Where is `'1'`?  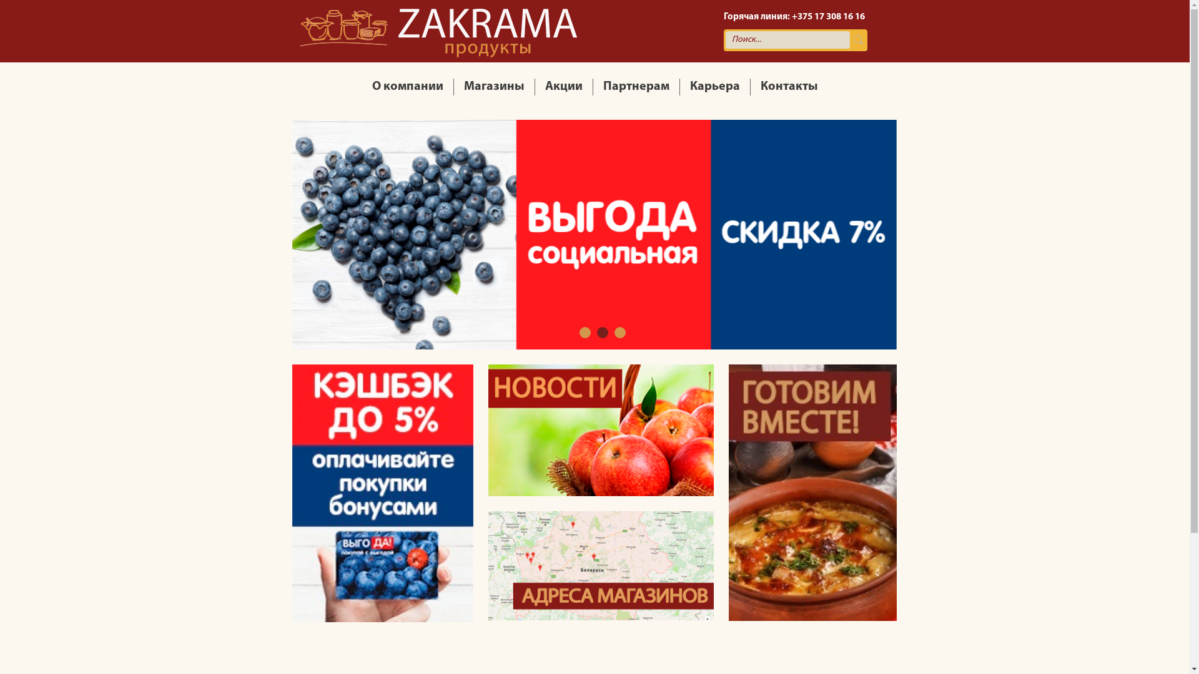 '1' is located at coordinates (584, 331).